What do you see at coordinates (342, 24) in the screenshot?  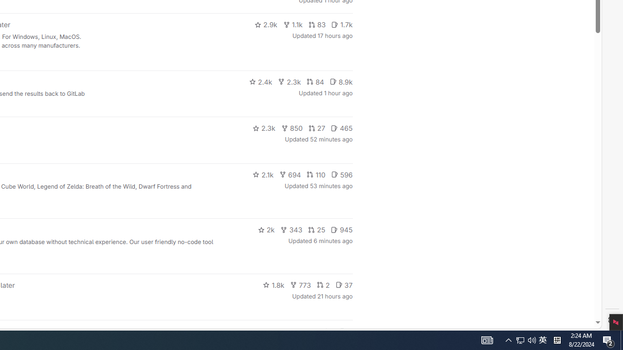 I see `'1.7k'` at bounding box center [342, 24].